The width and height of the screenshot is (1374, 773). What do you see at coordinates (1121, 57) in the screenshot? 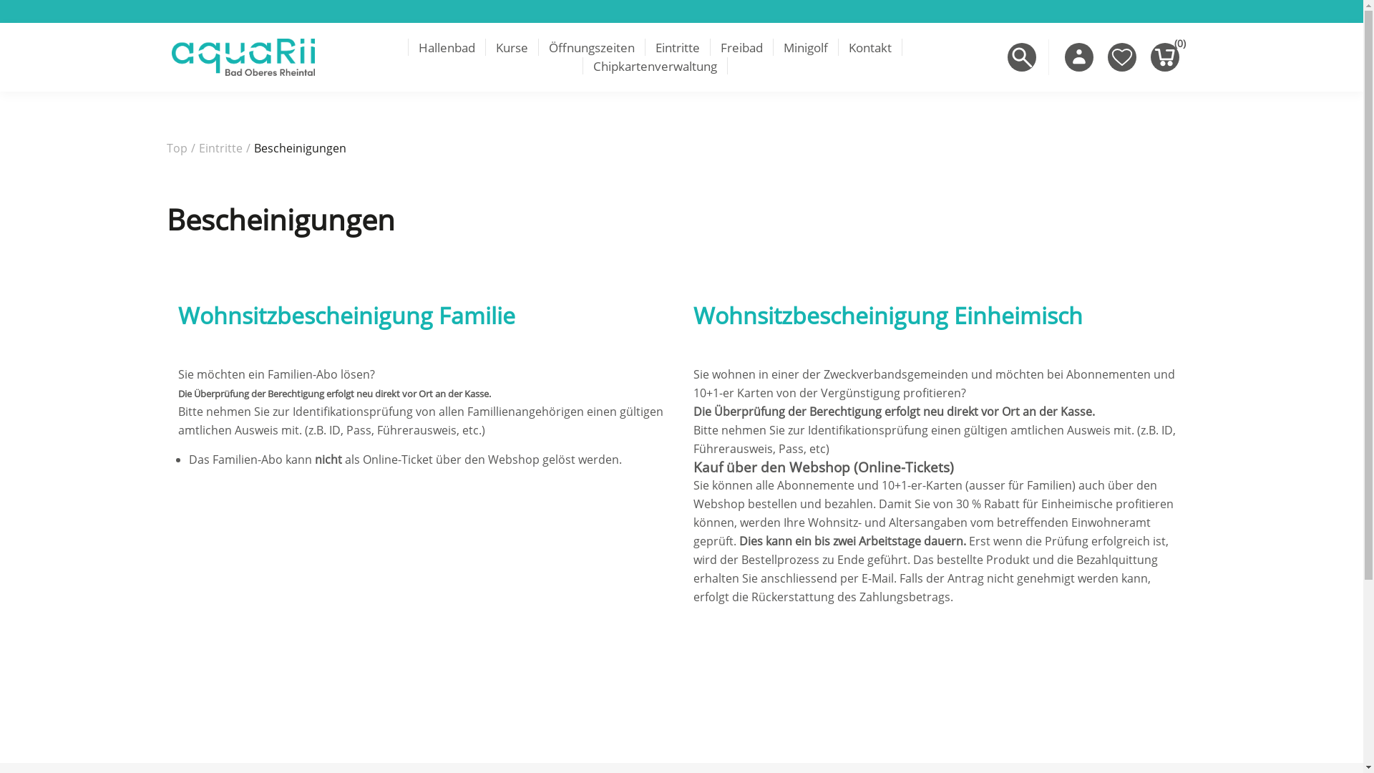
I see `'Wunschliste'` at bounding box center [1121, 57].